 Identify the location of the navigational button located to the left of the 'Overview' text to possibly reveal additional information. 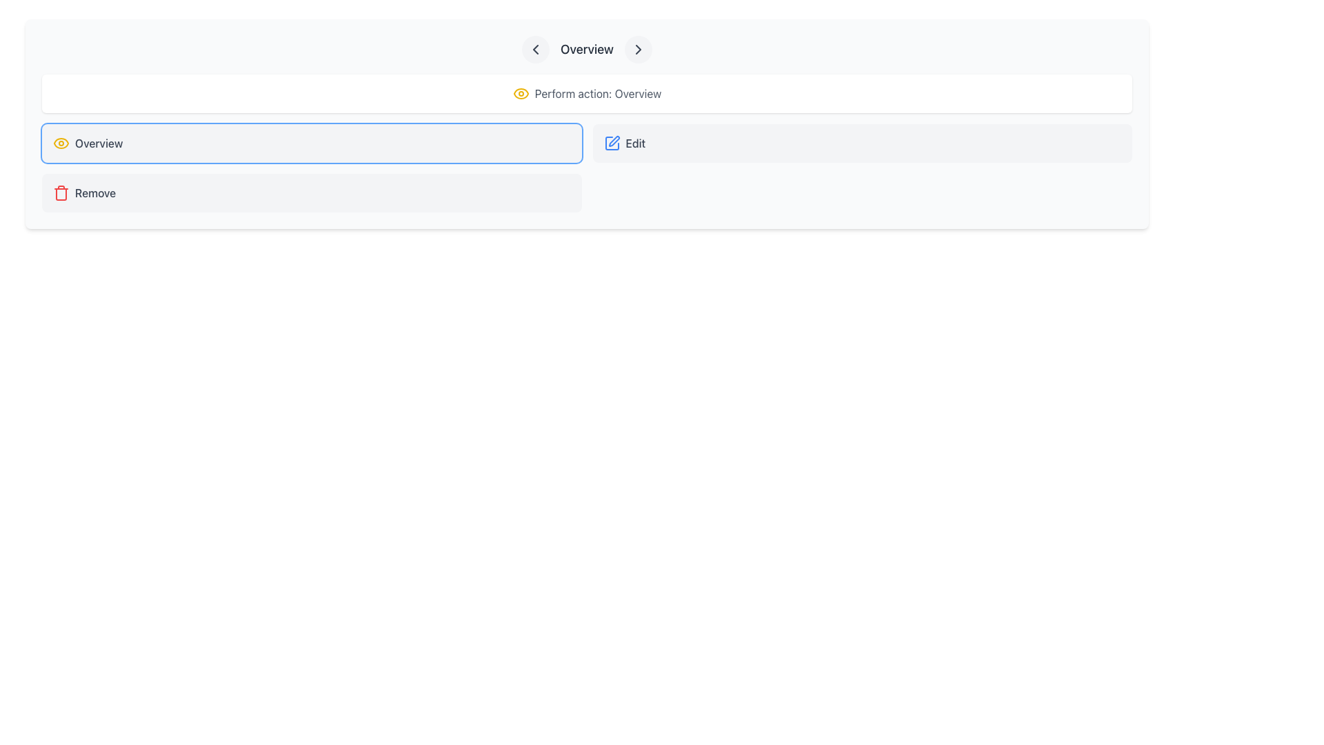
(535, 49).